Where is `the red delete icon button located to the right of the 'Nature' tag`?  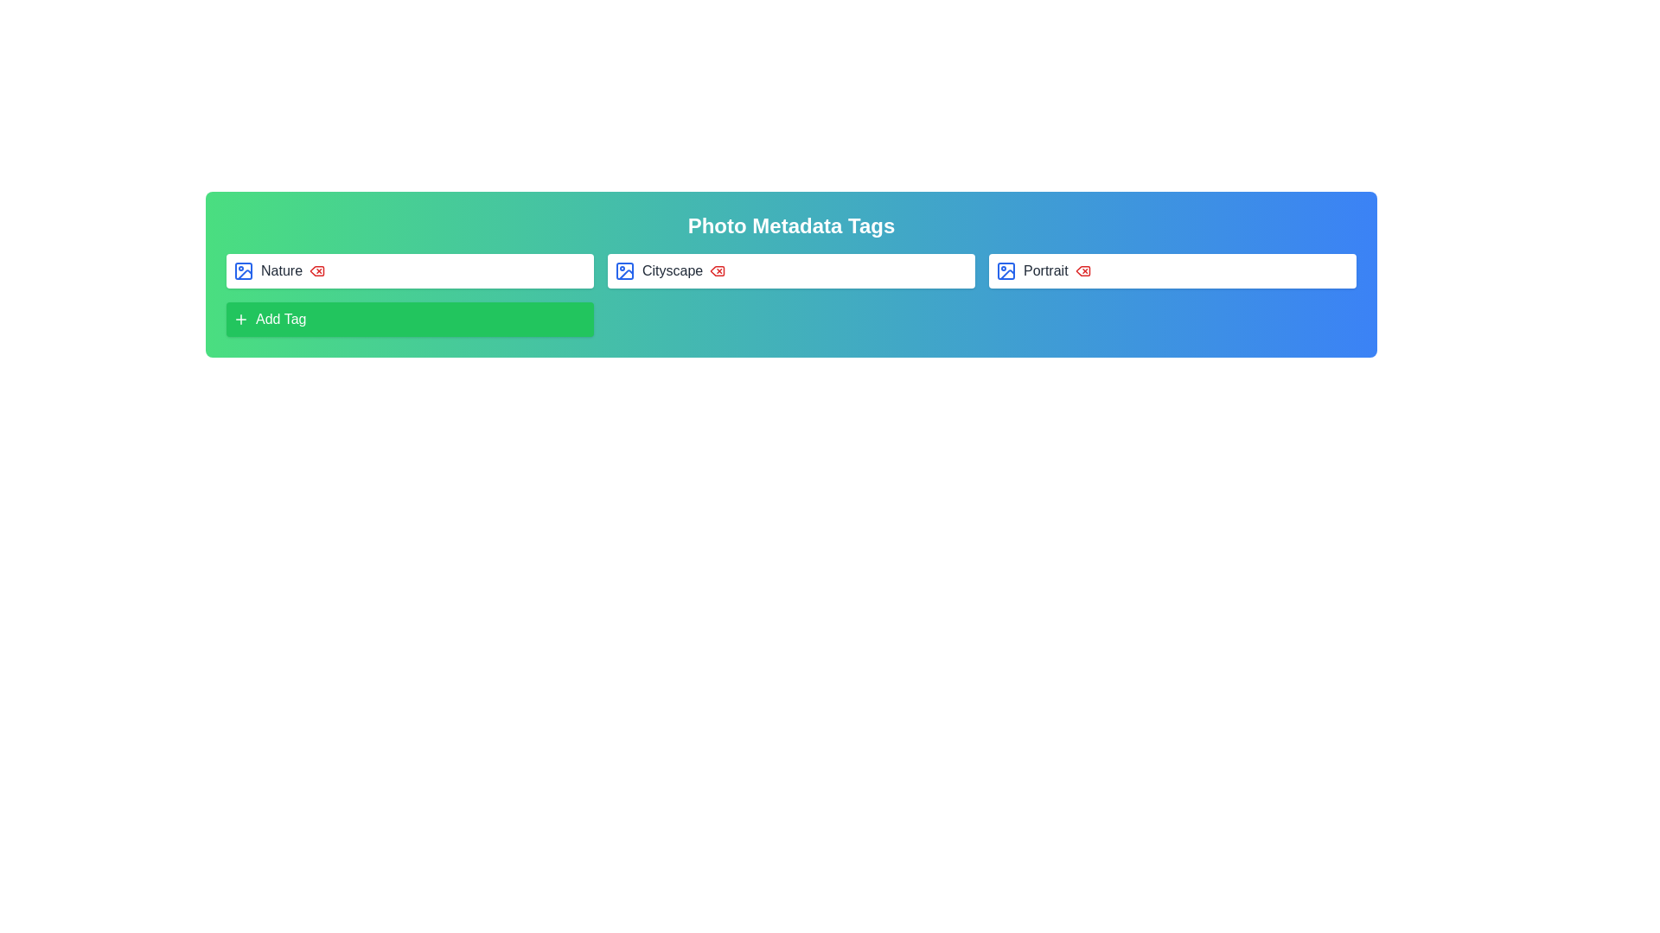 the red delete icon button located to the right of the 'Nature' tag is located at coordinates (317, 270).